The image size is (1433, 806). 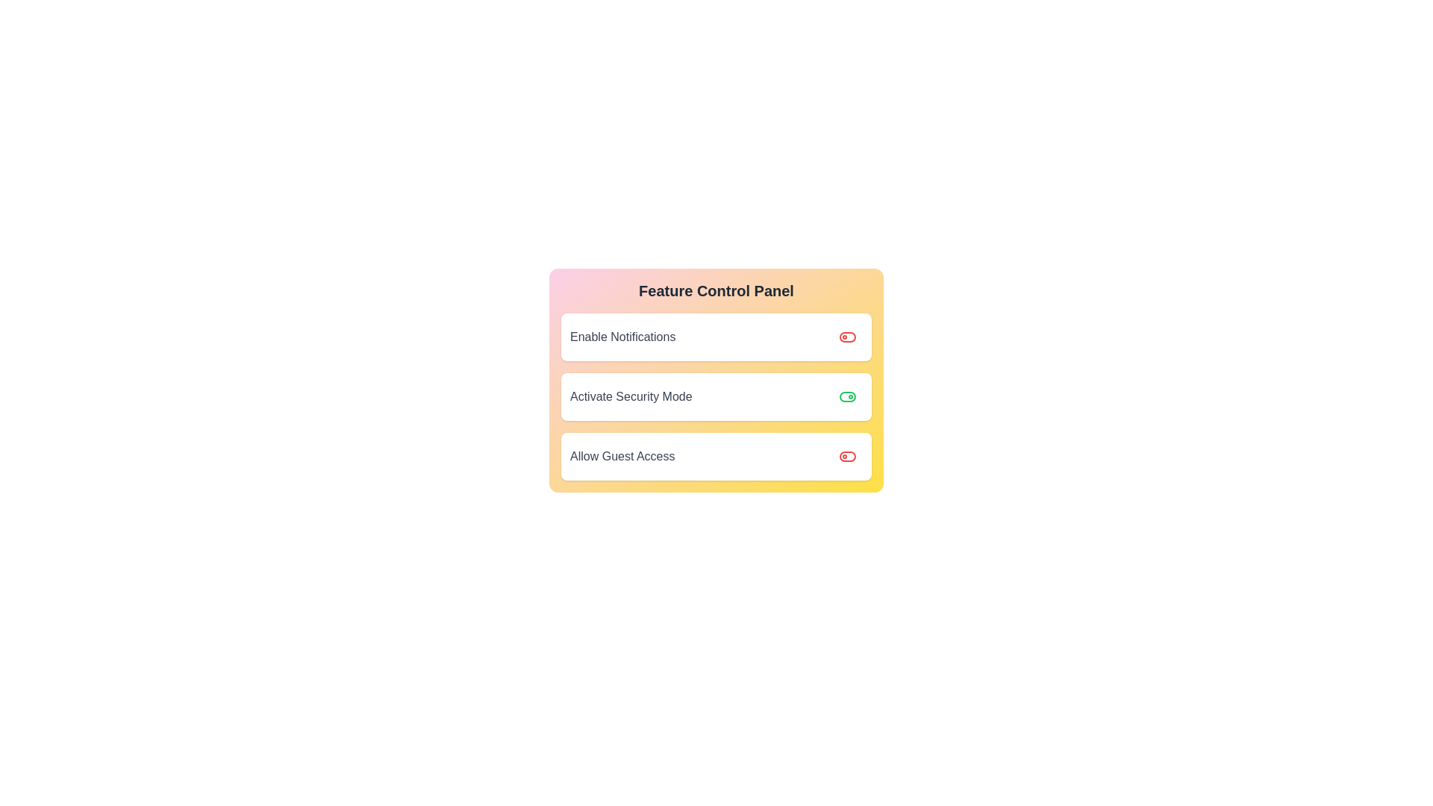 What do you see at coordinates (848, 337) in the screenshot?
I see `the toggle switch represented by the rectangular div or SVG with rounded corners and a solid red border, located to the right of the 'Enable Notifications' label` at bounding box center [848, 337].